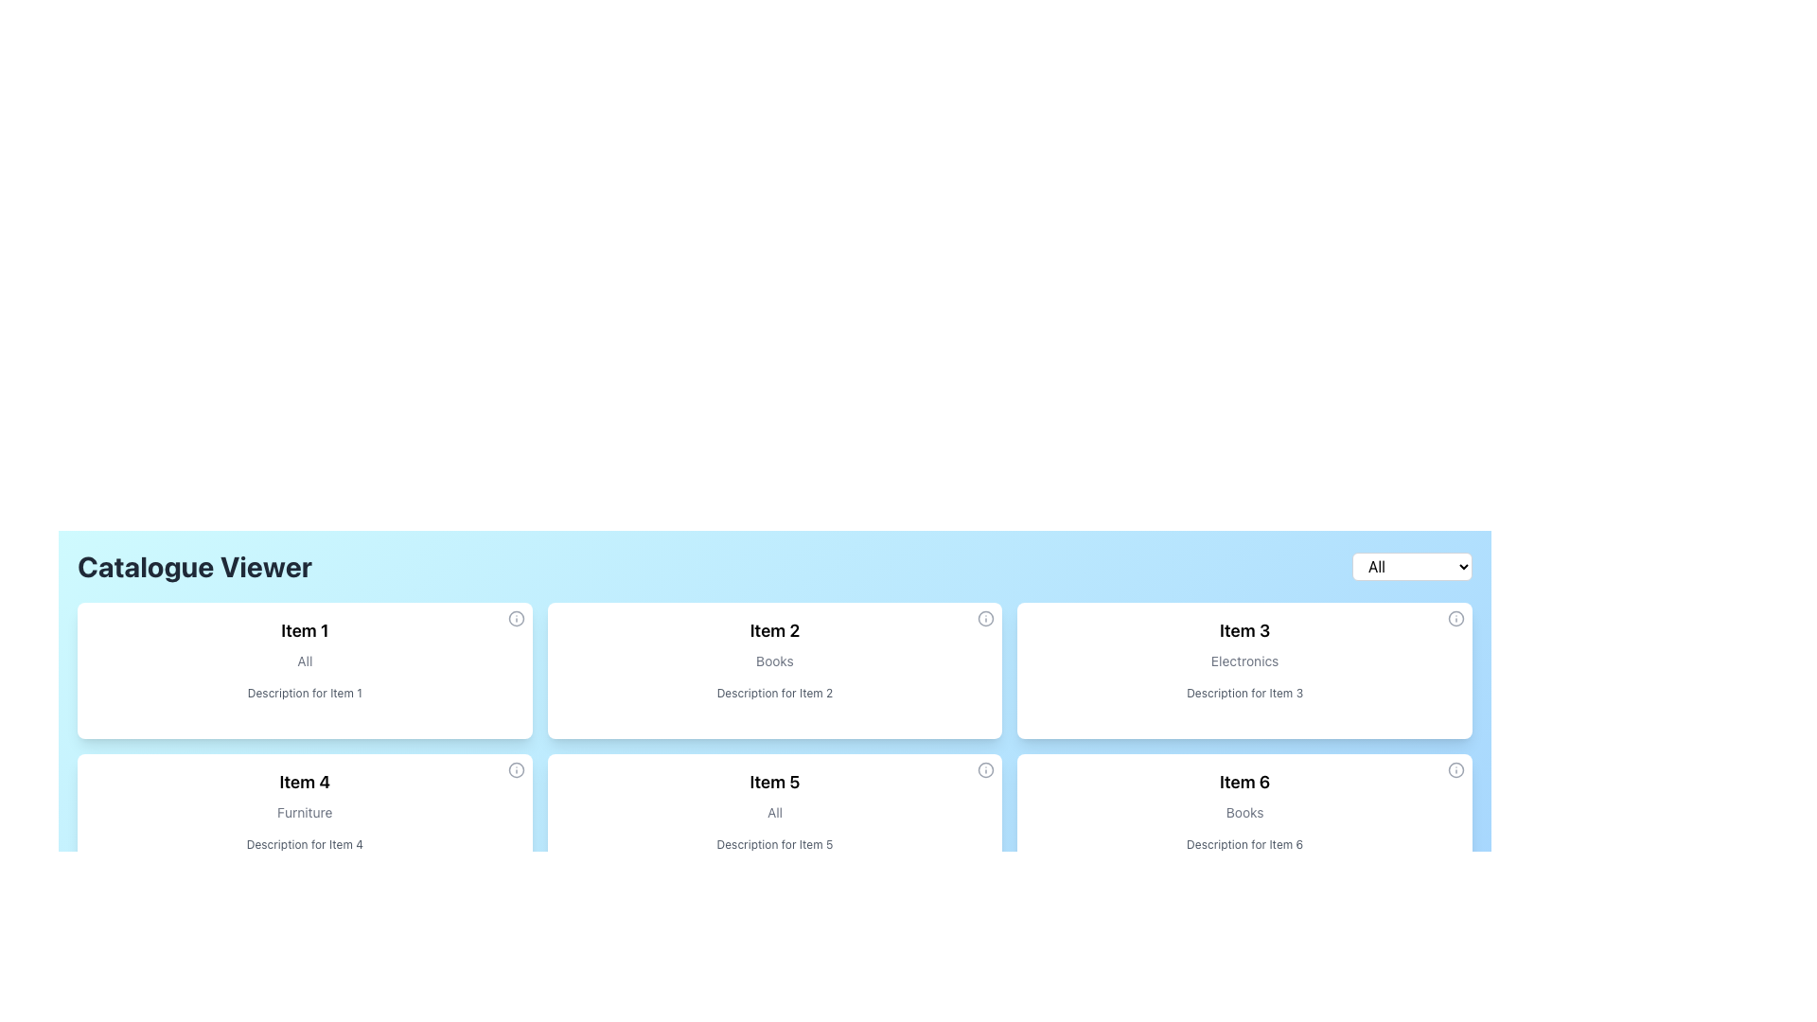 The width and height of the screenshot is (1817, 1022). I want to click on the dropdown menu labeled 'All' located at the top-right corner of the interface, so click(1412, 565).